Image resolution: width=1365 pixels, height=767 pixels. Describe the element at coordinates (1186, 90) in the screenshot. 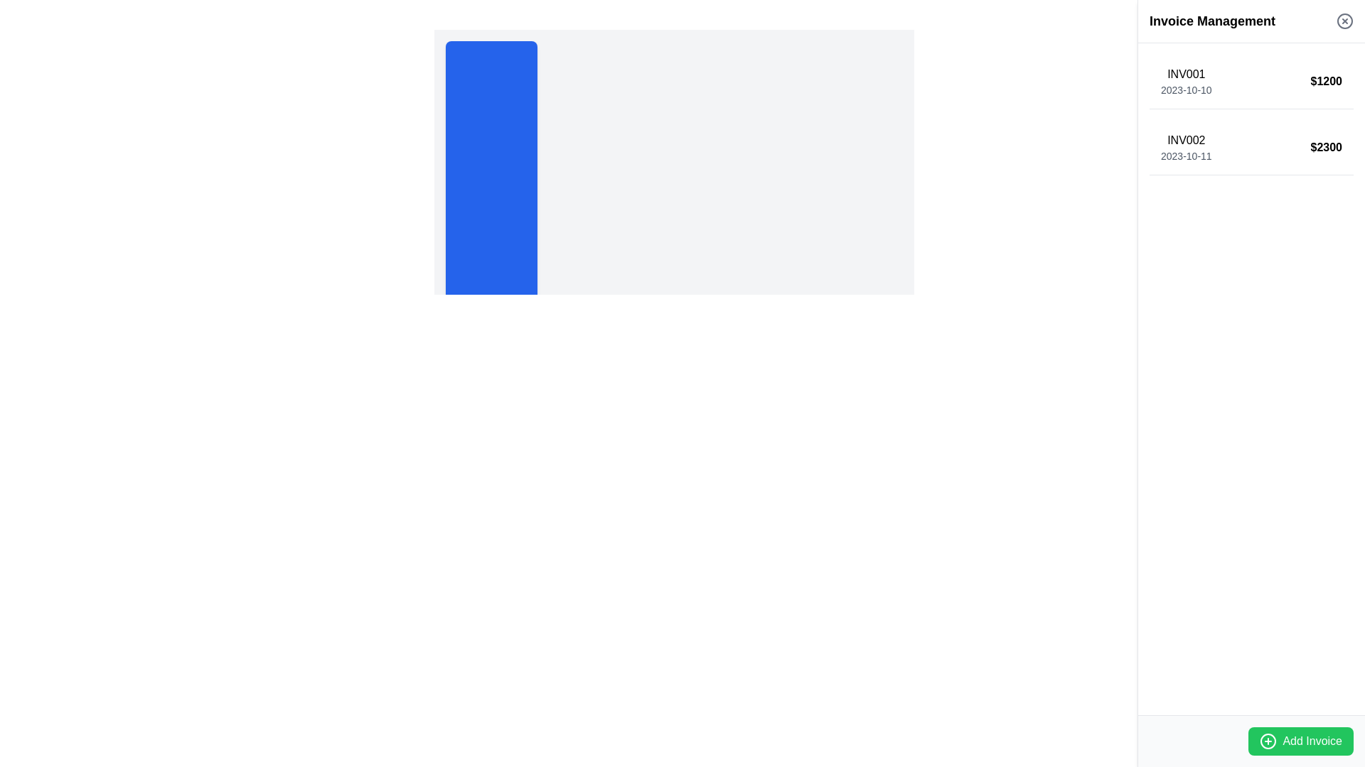

I see `the text label displaying the date '2023-10-10', which is positioned directly below the label 'INV001' in the upper-right corner of the 'Invoice Management' section` at that location.